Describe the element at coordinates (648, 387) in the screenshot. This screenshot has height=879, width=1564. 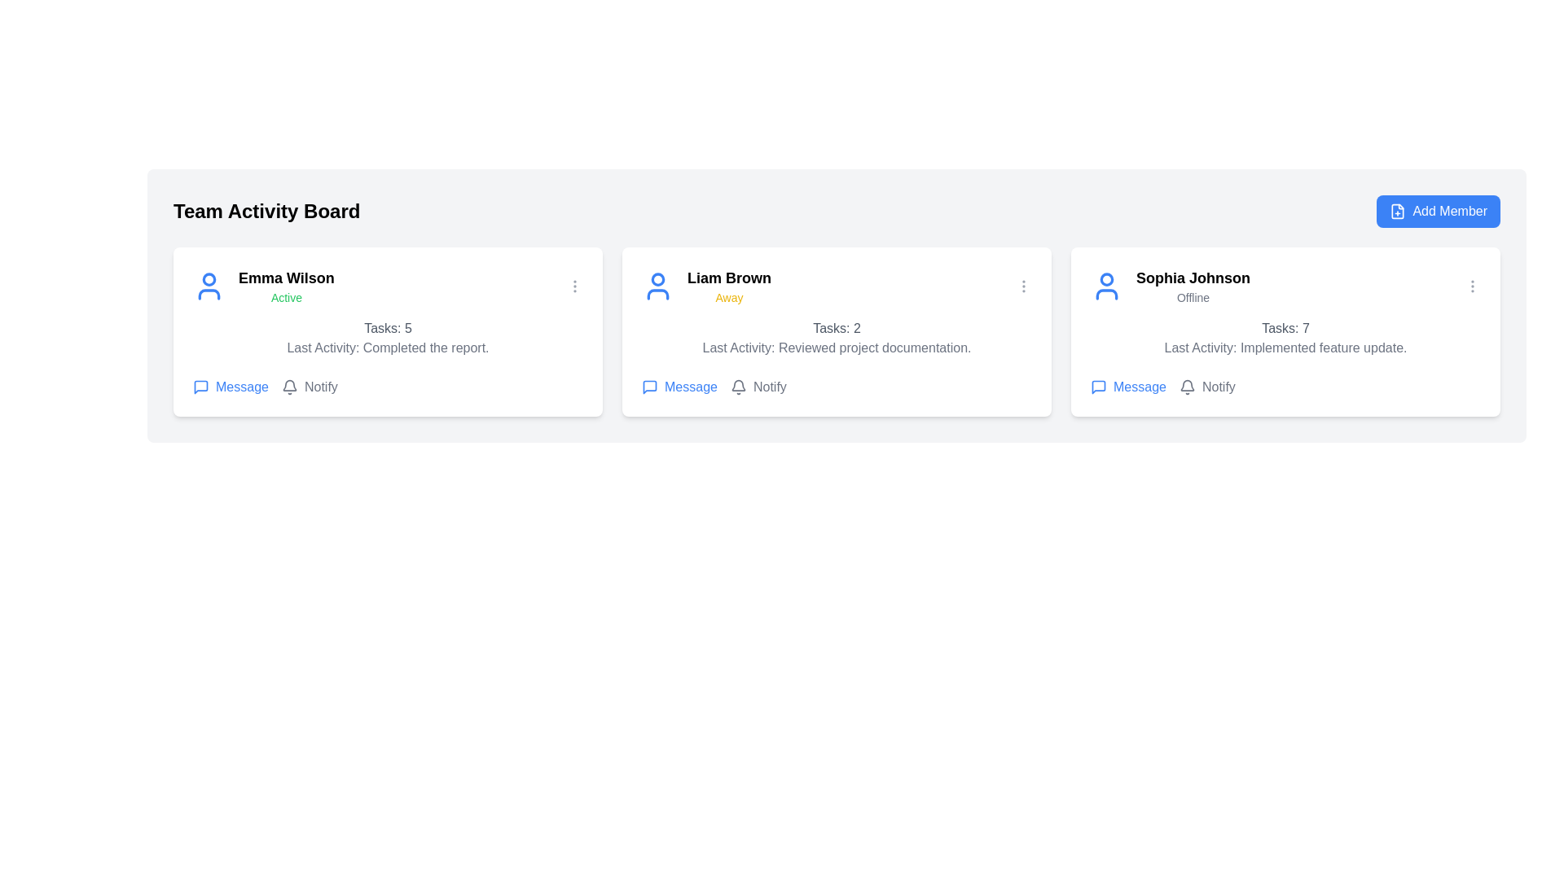
I see `the speech bubble icon inside the 'Message' button located at the bottom left of the second user card titled 'Liam Brown' on the Team Activity Board to initiate the associated action` at that location.